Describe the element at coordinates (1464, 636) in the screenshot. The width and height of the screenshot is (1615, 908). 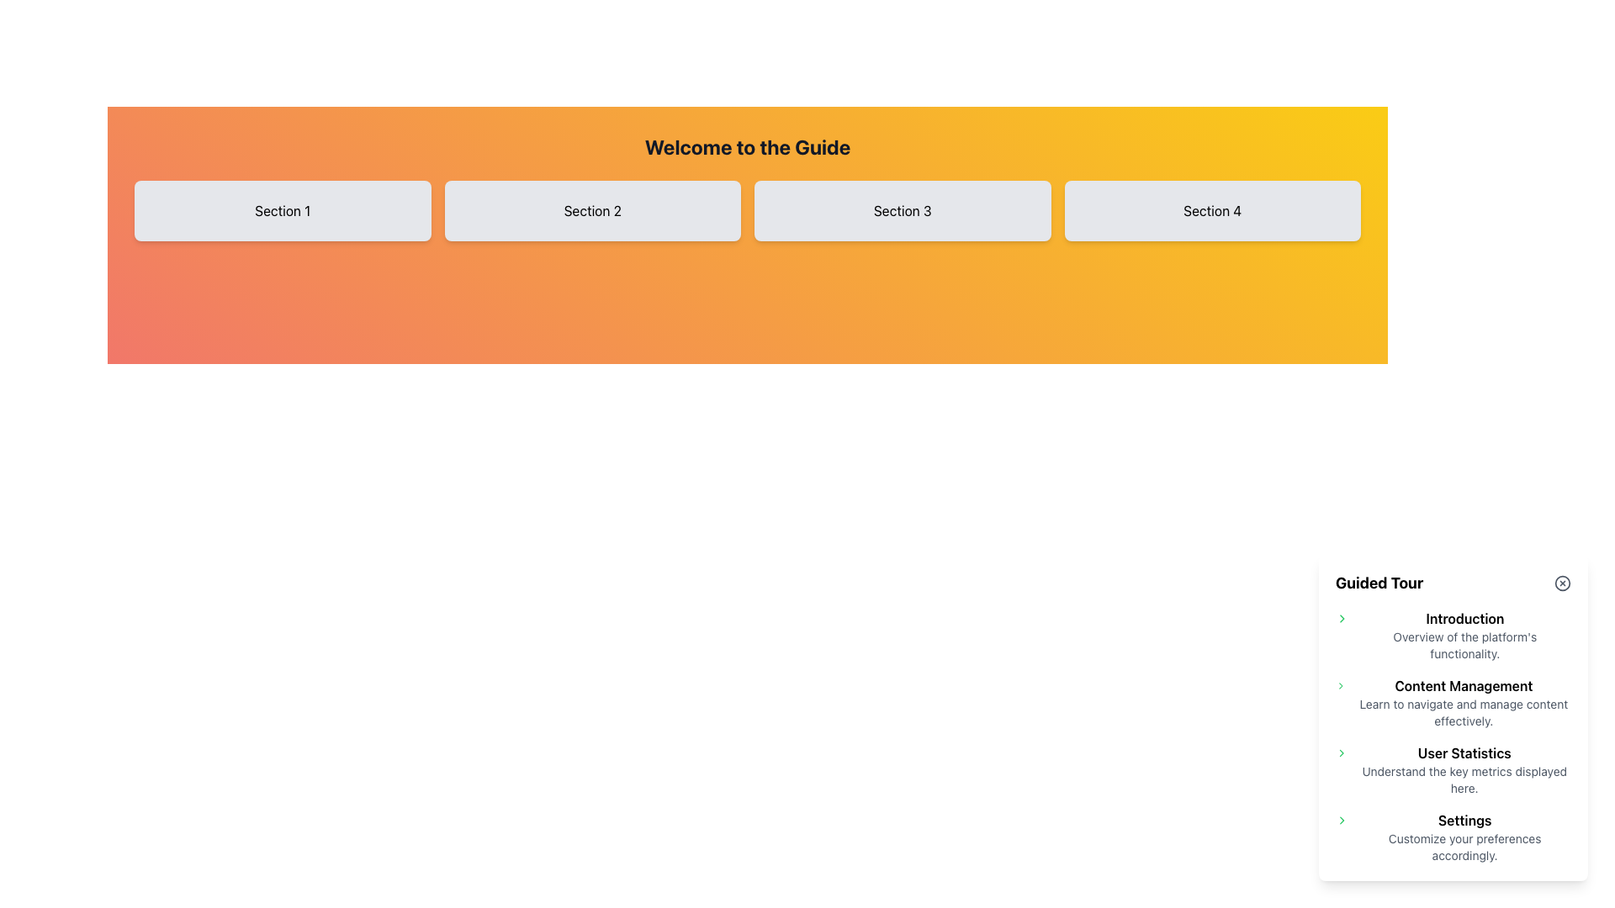
I see `the descriptive title for the first step in the guided tour` at that location.